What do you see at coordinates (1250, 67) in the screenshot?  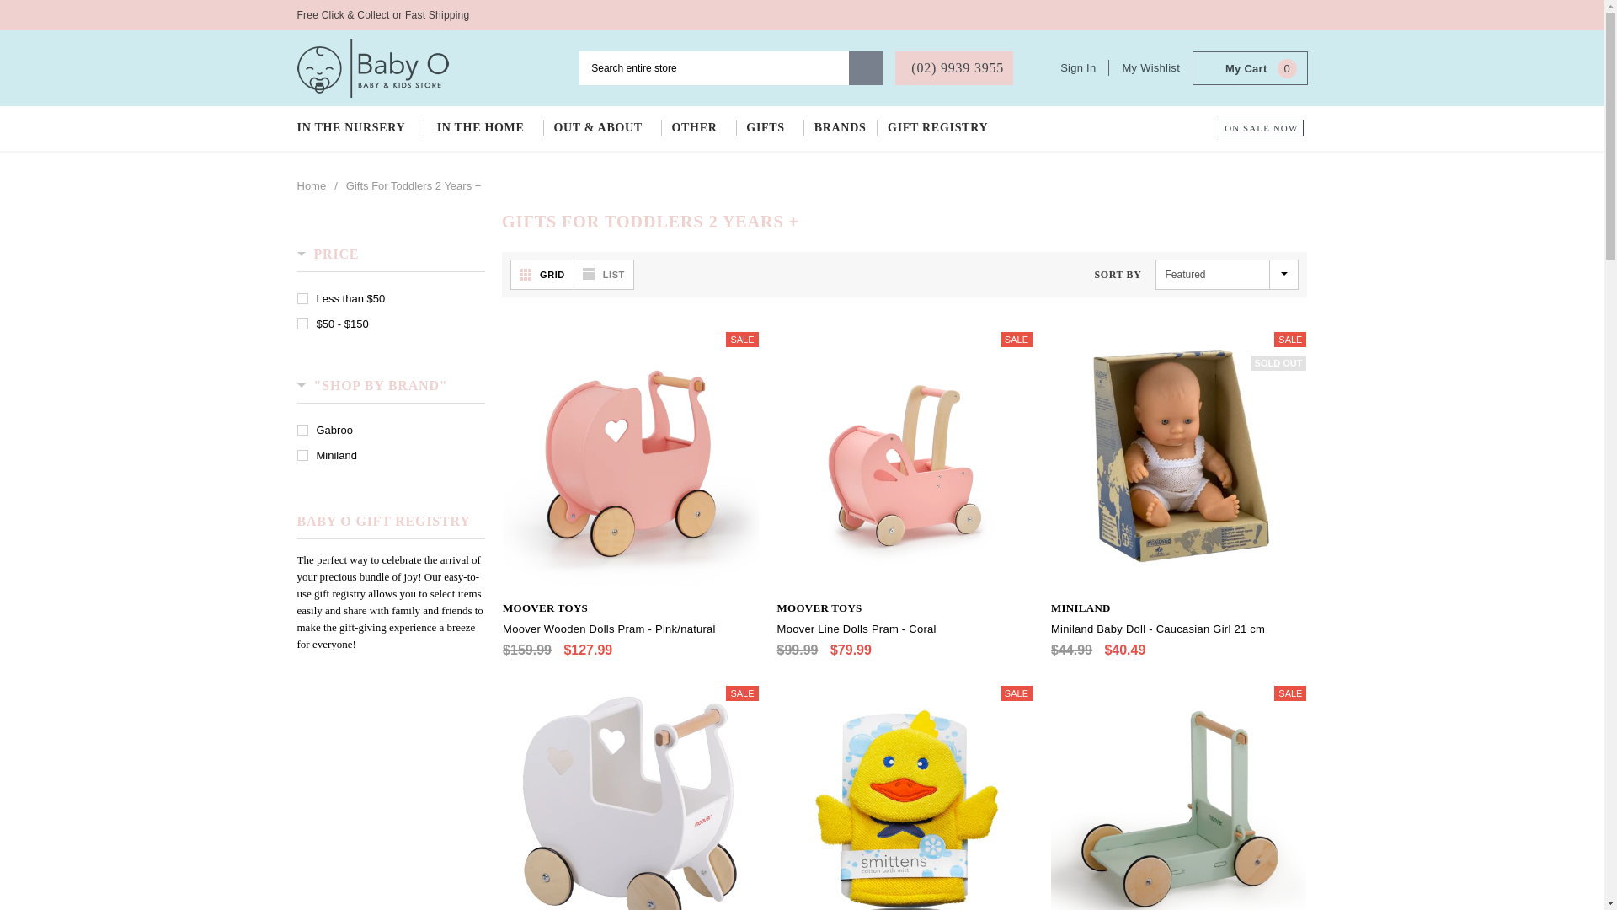 I see `'My Cart` at bounding box center [1250, 67].